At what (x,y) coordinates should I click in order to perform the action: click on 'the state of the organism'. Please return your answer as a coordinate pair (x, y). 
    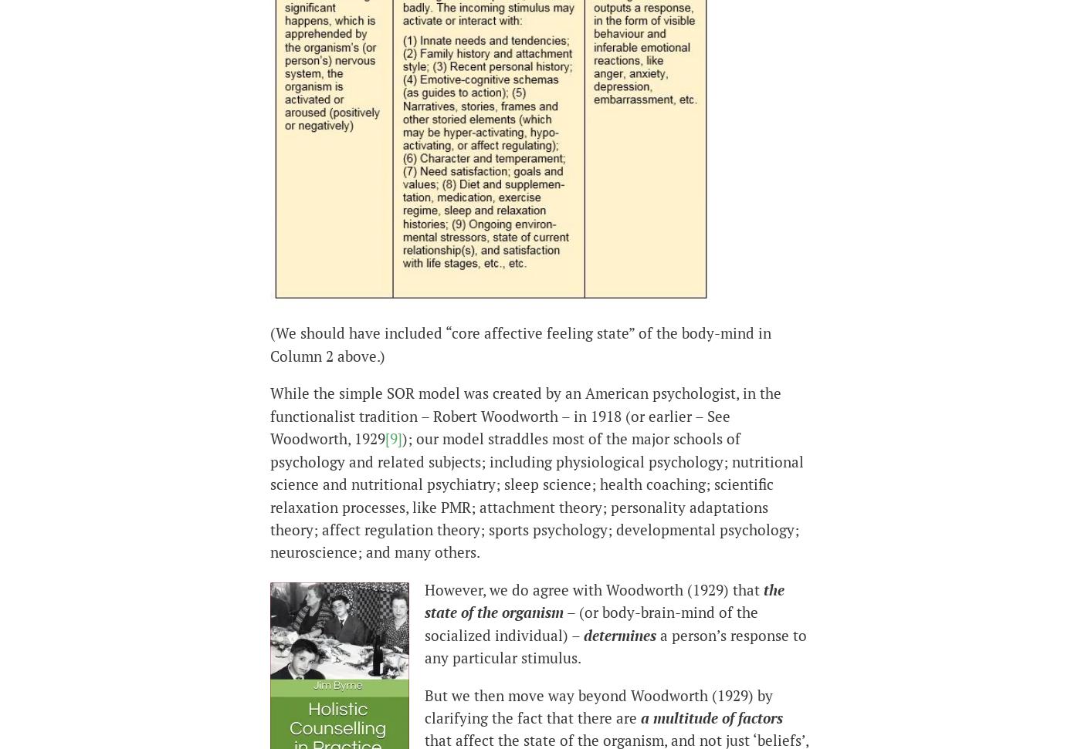
    Looking at the image, I should click on (425, 600).